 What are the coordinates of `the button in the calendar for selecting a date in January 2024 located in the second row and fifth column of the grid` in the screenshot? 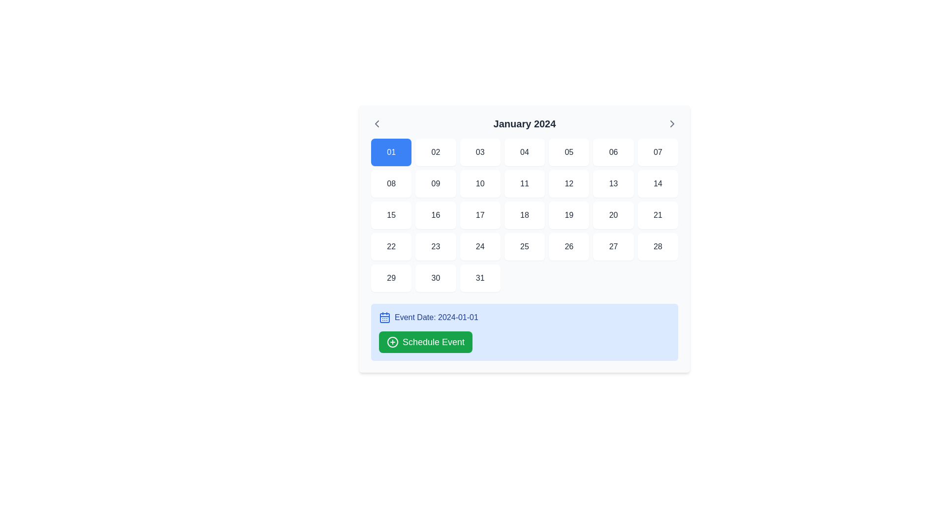 It's located at (569, 184).